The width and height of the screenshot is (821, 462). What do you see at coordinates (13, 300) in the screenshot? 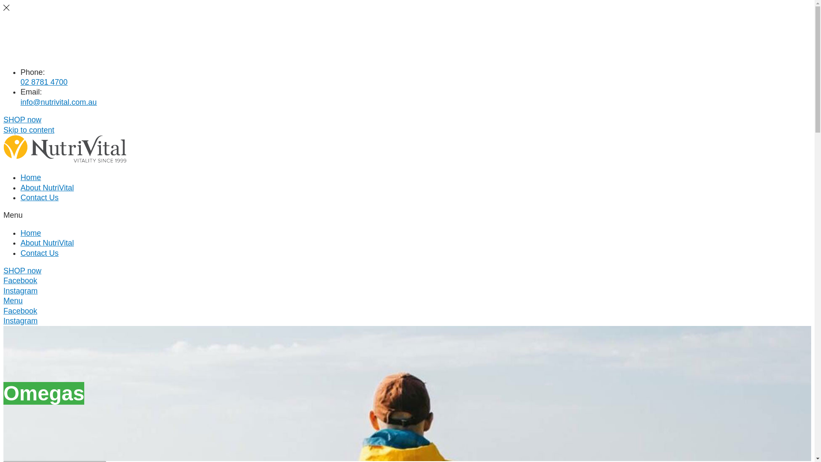
I see `'Menu'` at bounding box center [13, 300].